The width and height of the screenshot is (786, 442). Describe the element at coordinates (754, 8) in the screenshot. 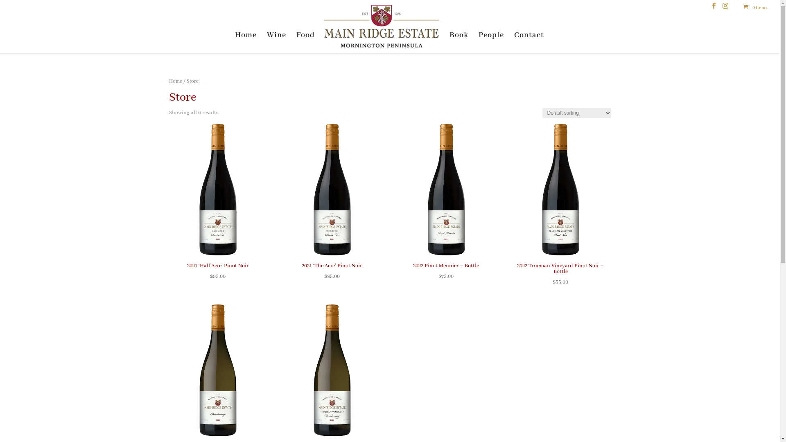

I see `'0 Items'` at that location.